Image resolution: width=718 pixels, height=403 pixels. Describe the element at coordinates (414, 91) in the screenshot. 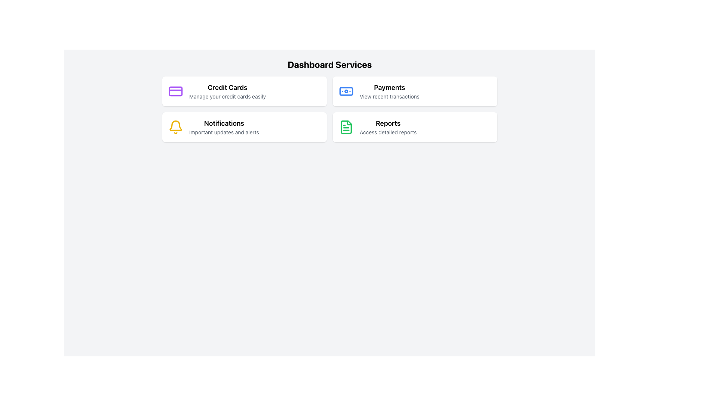

I see `the panel styled with a white background featuring a blue icon on the left and the text 'Payments' in bold along with 'View recent transactions' in smaller gray text, located in the top-right part of the grid layout` at that location.